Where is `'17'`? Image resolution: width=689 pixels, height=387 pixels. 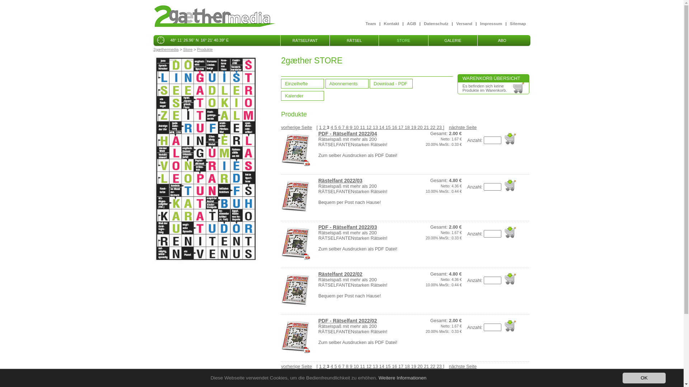
'17' is located at coordinates (401, 127).